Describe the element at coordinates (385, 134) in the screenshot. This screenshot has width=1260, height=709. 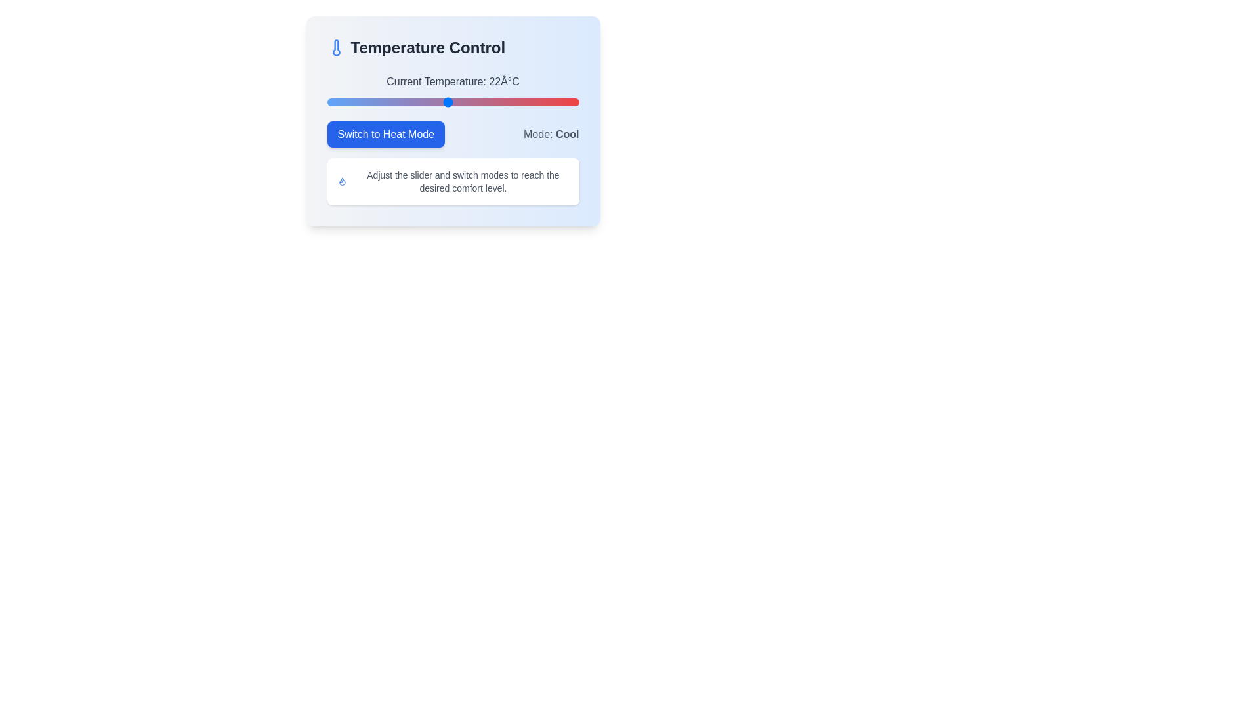
I see `the 'Switch to Heat Mode' button to toggle the mode` at that location.